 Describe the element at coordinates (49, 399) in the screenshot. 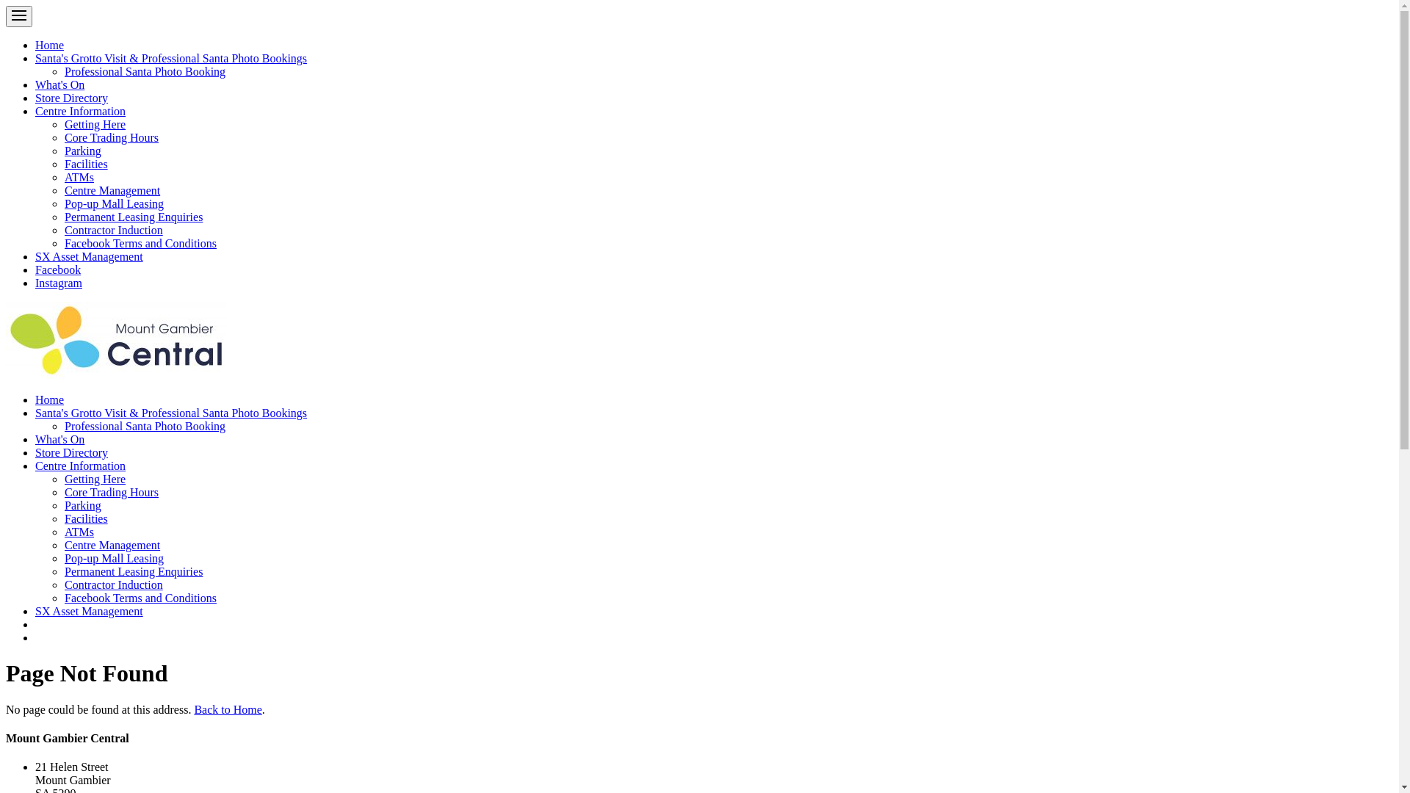

I see `'Home'` at that location.